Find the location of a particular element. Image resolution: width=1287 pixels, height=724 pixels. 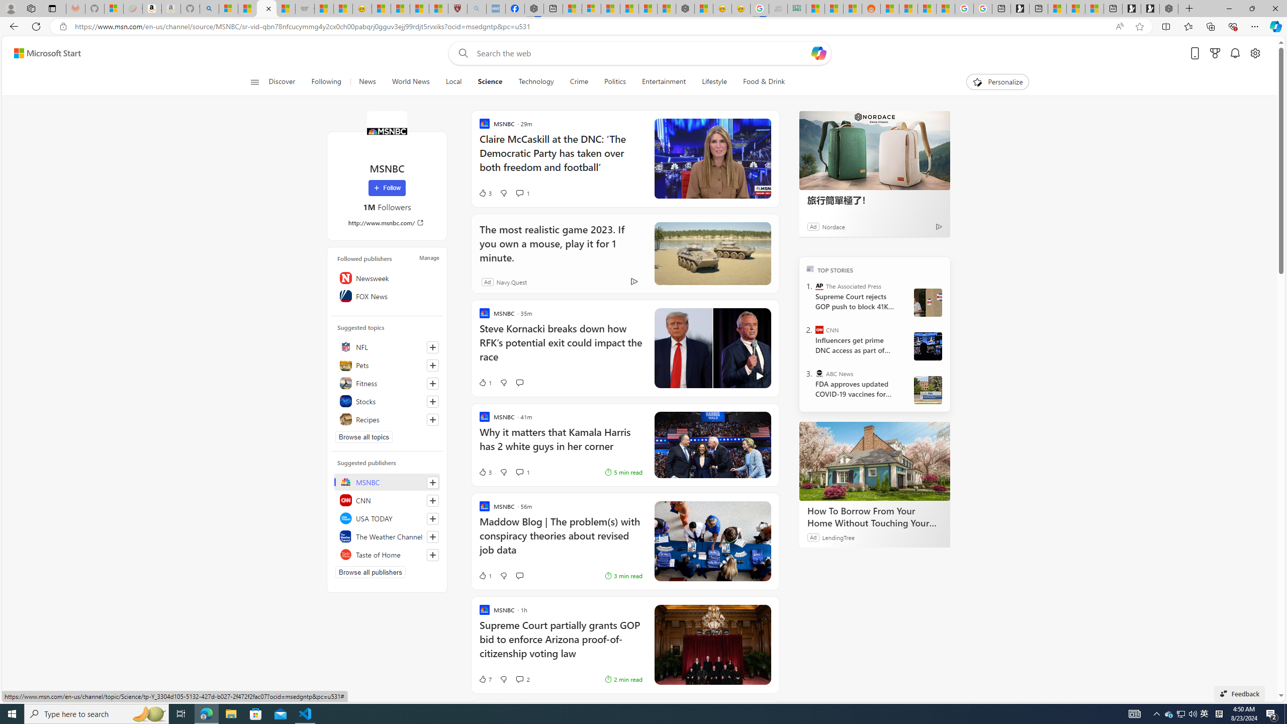

'14 Common Myths Debunked By Scientific Facts' is located at coordinates (648, 8).